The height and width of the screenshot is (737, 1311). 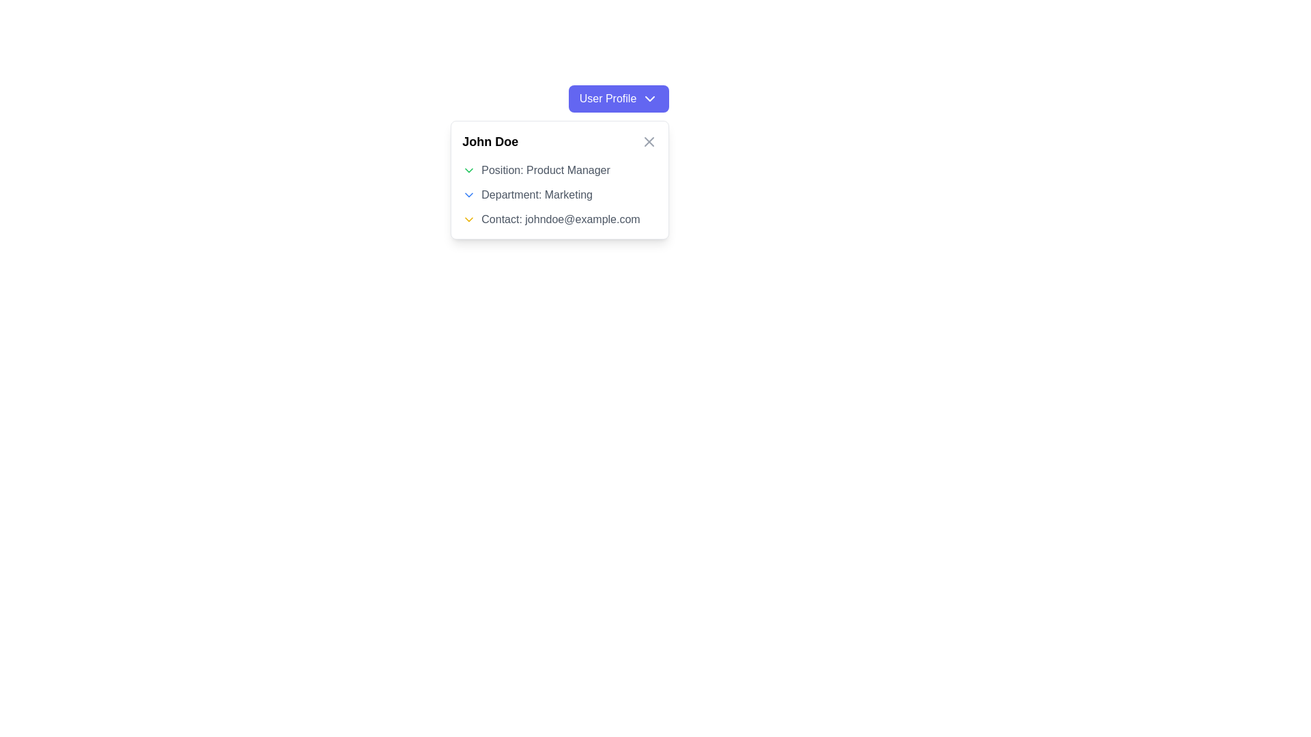 I want to click on the static text label displaying the user's name located near the top-left corner of the user profile interface, so click(x=490, y=142).